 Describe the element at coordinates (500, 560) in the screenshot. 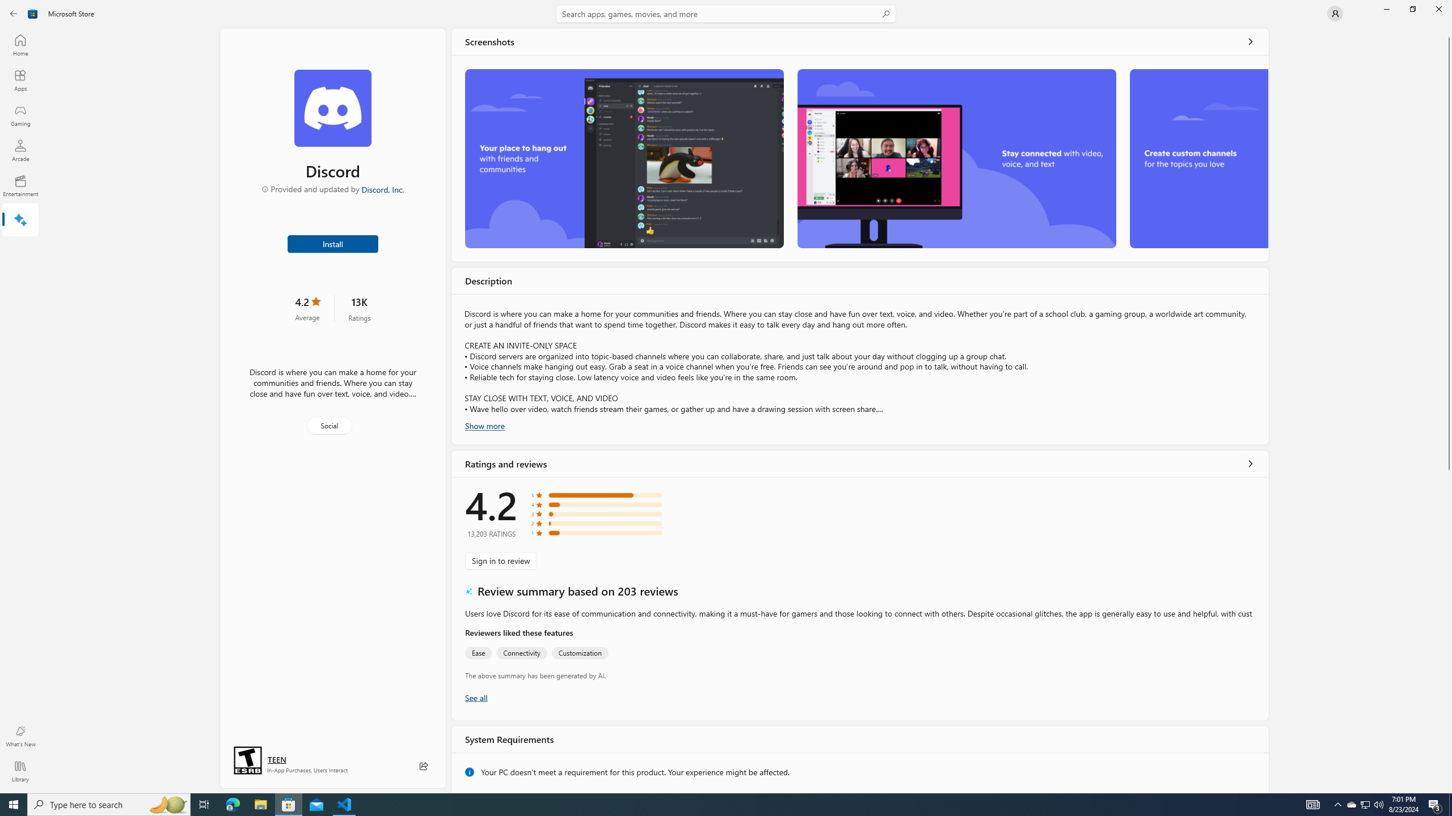

I see `'Sign in to review'` at that location.